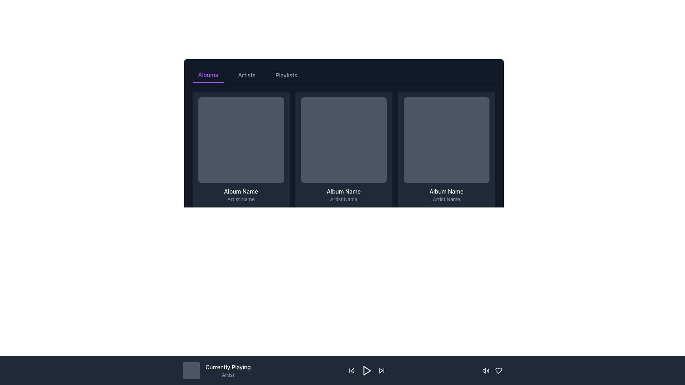 Image resolution: width=685 pixels, height=385 pixels. I want to click on the small-sized text label displaying 'Artist Name' with gray coloring, located directly below the text 'Album Name' in the album information block, so click(241, 199).